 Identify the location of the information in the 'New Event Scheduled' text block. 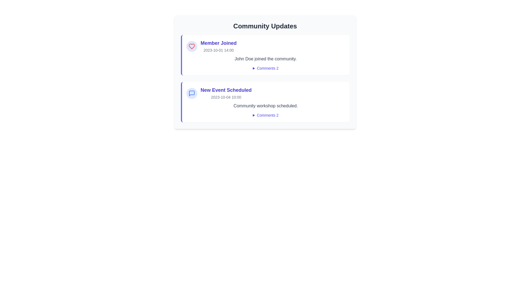
(226, 93).